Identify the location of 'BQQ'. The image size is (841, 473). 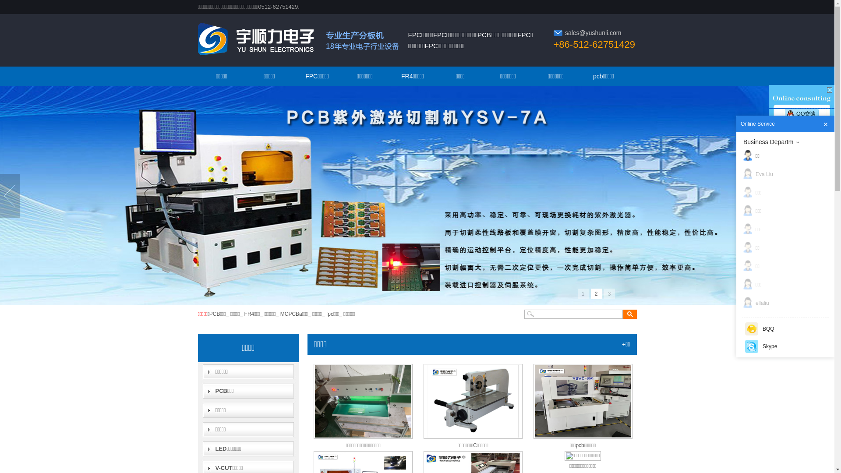
(744, 329).